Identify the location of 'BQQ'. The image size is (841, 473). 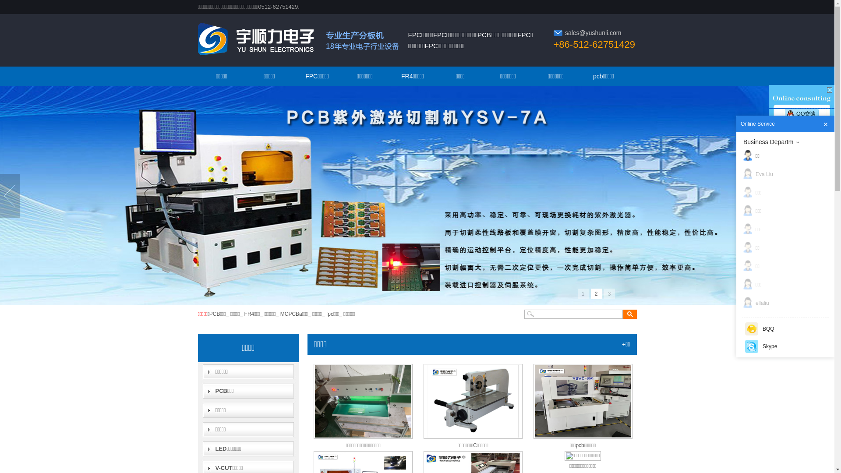
(744, 329).